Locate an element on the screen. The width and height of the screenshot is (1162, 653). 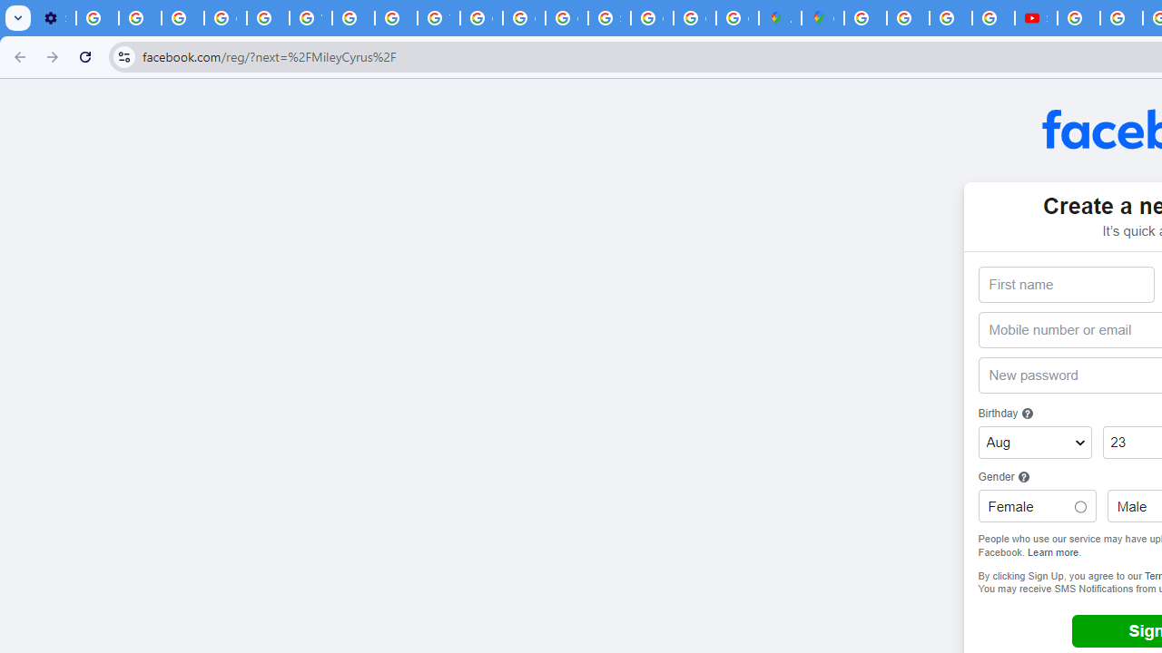
'Settings - Customize profile' is located at coordinates (54, 18).